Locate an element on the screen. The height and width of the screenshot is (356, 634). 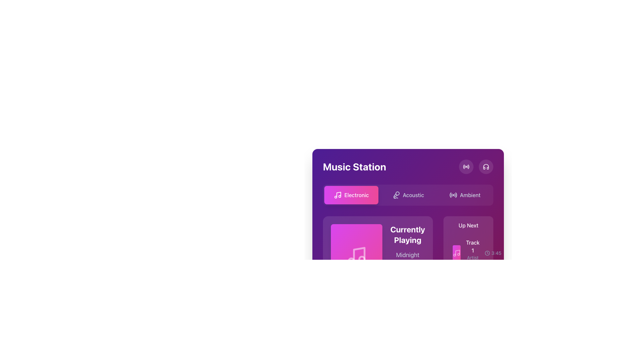
the live broadcast button located in the top-right corner of the user interface is located at coordinates (466, 166).